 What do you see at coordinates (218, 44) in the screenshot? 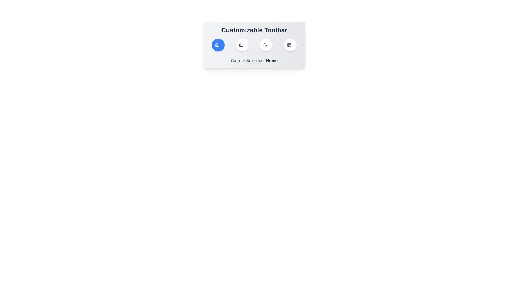
I see `the circular blue button with a white house icon in the 'Customizable Toolbar'` at bounding box center [218, 44].